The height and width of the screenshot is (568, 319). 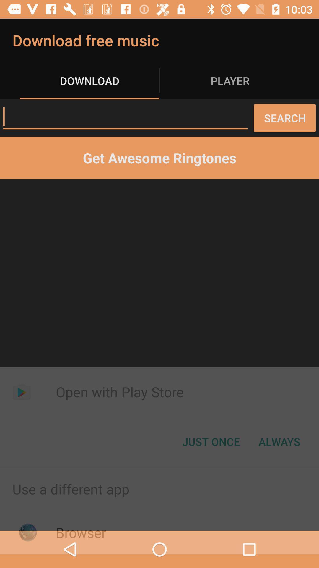 What do you see at coordinates (125, 117) in the screenshot?
I see `text` at bounding box center [125, 117].